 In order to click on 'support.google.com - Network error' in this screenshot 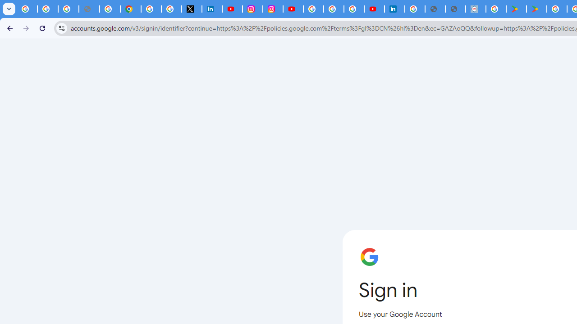, I will do `click(89, 9)`.